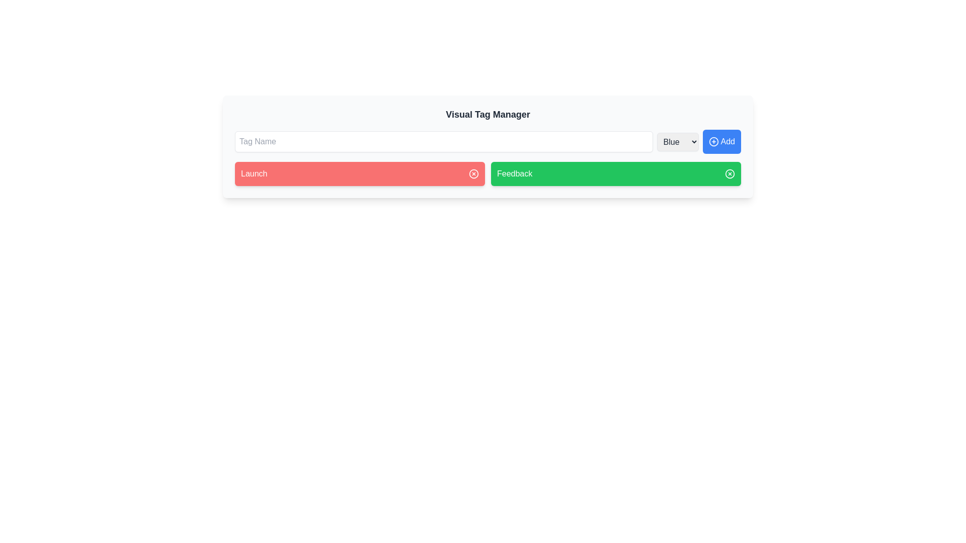  I want to click on the circular icon with a cross inside it, located at the far right corner of the red 'Launch' button, so click(473, 173).